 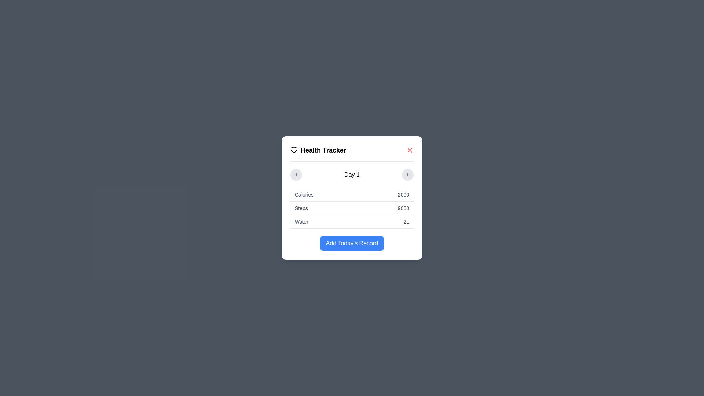 I want to click on the header text of the popup modal, which indicates the health tracking feature, so click(x=318, y=150).